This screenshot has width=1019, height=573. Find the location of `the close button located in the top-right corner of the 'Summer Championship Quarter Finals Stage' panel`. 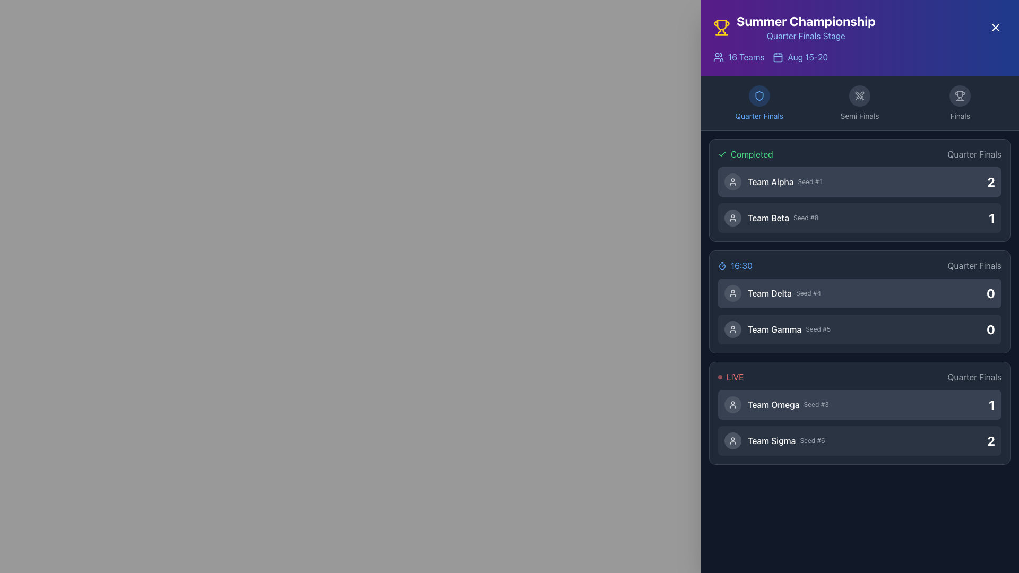

the close button located in the top-right corner of the 'Summer Championship Quarter Finals Stage' panel is located at coordinates (995, 27).